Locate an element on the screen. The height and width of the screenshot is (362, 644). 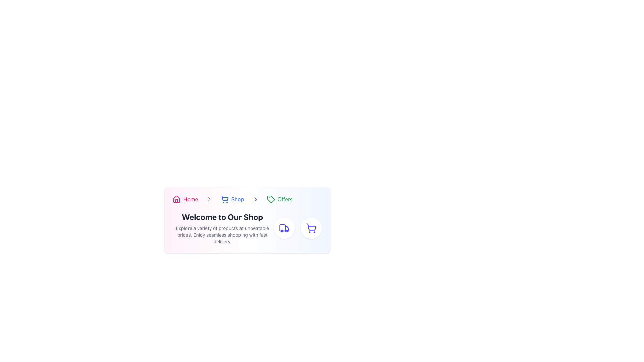
the circular button with a purple truck icon located at the bottom-right section of the visible card, which is the leftmost button next to the shopping cart icon is located at coordinates (284, 228).